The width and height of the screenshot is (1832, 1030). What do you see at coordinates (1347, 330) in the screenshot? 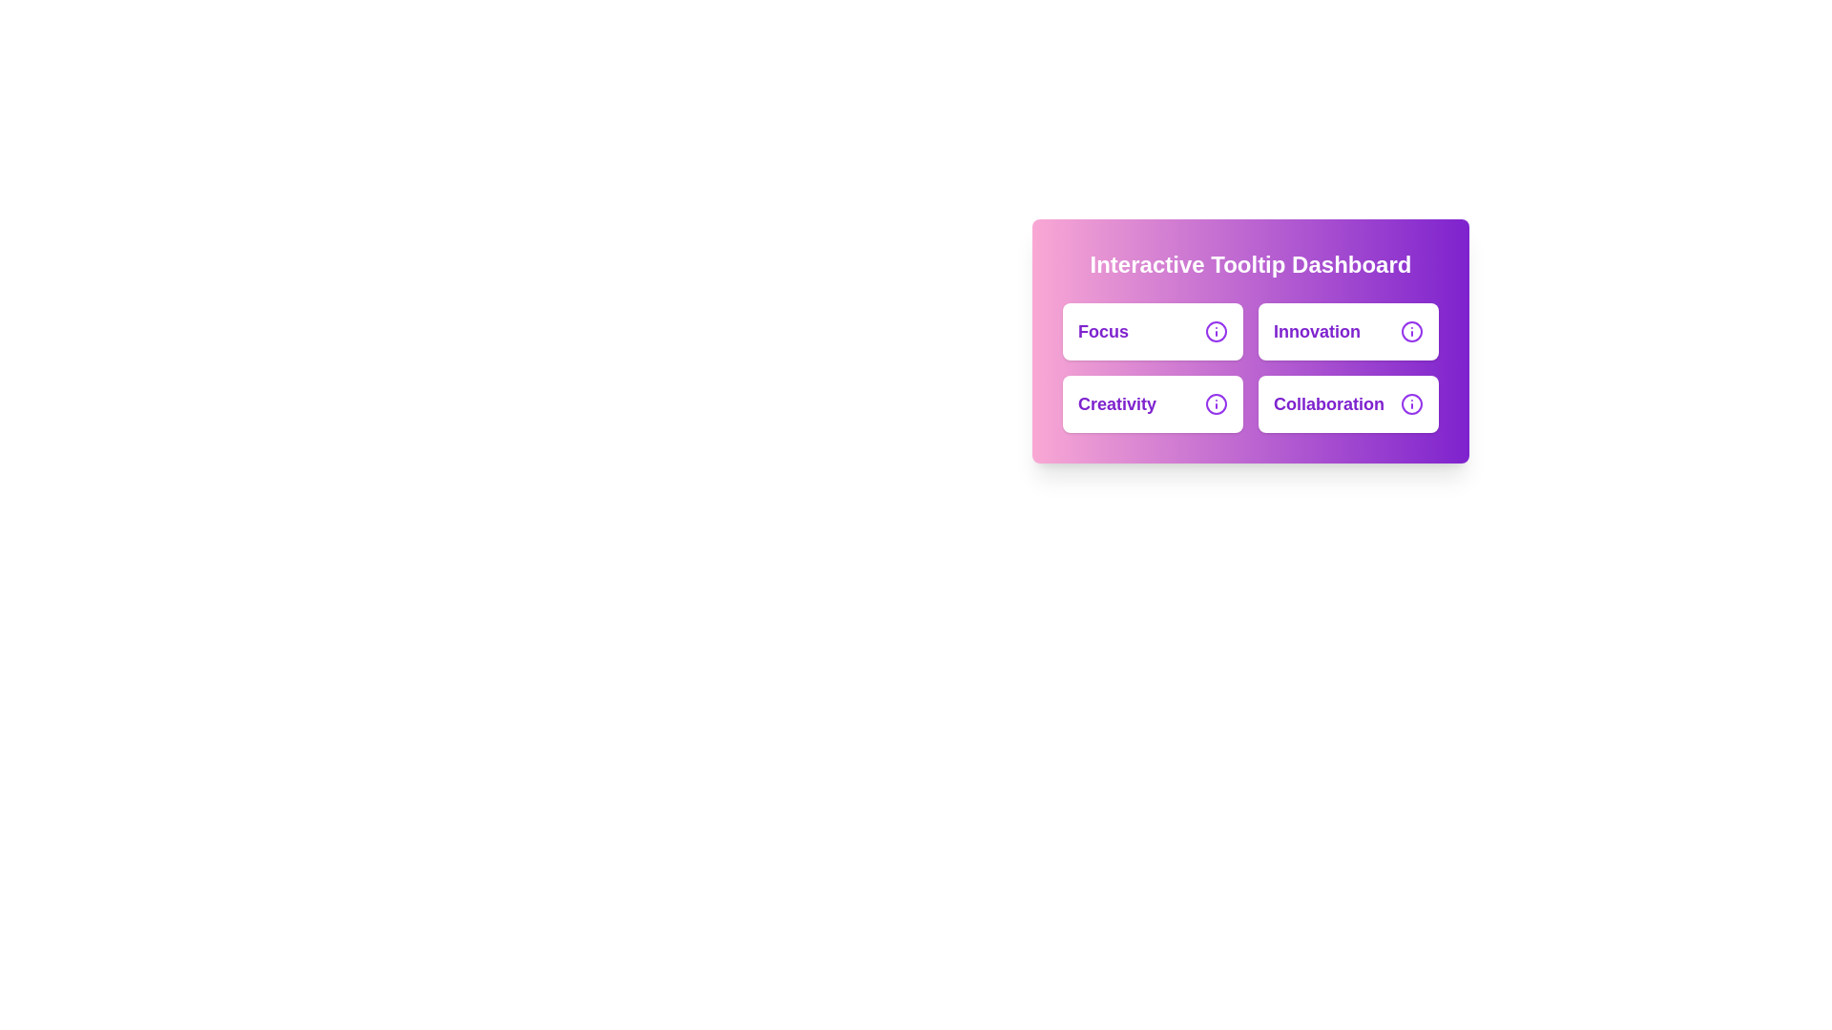
I see `the second button in the top row of a 2x2 grid layout, which is labeled for 'Innovation'` at bounding box center [1347, 330].